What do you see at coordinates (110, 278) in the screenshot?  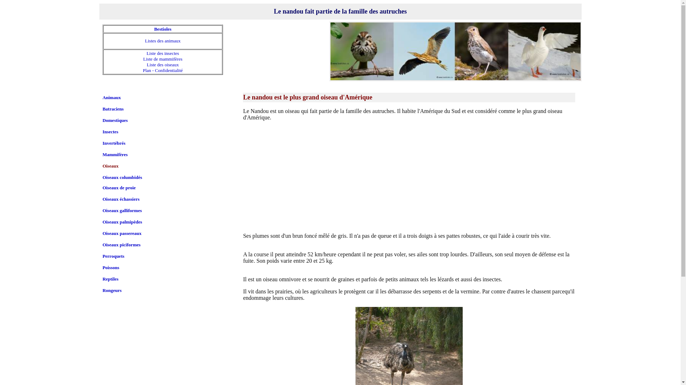 I see `'Reptiles'` at bounding box center [110, 278].